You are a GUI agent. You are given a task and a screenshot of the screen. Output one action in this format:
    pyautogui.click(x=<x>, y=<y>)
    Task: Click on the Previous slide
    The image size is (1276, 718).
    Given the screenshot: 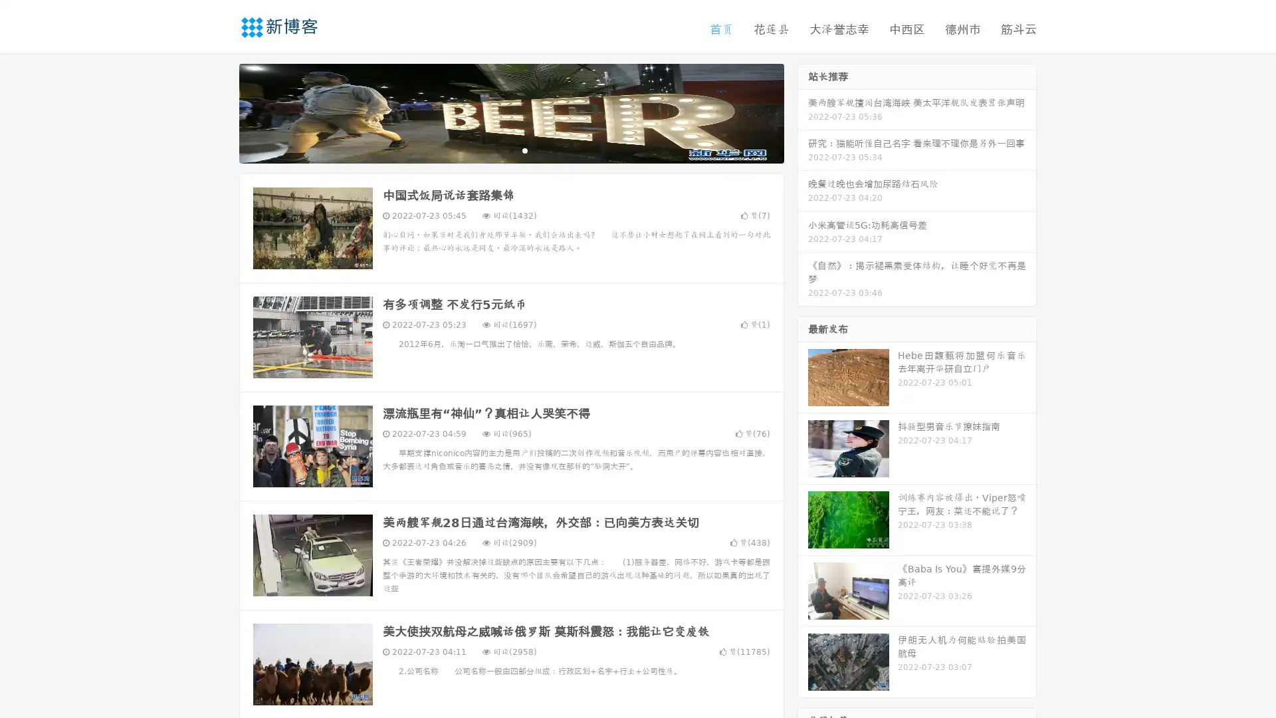 What is the action you would take?
    pyautogui.click(x=219, y=112)
    